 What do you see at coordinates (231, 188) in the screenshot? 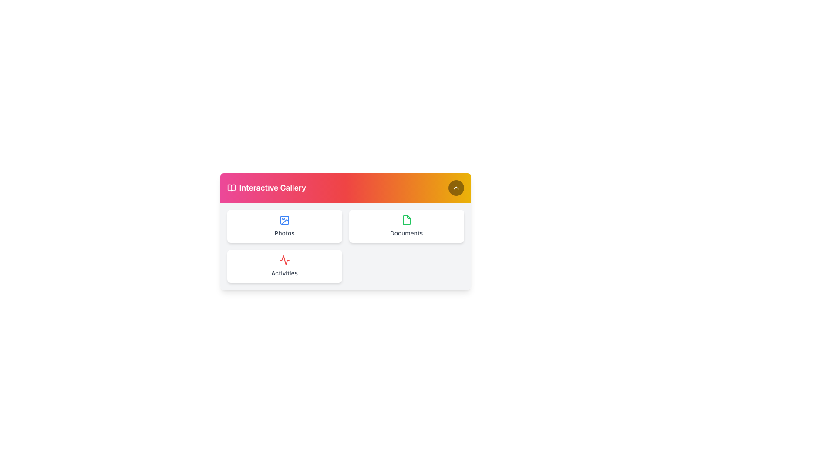
I see `the open book icon located in the header of the interface, which is positioned to the left of the text 'Interactive Gallery'` at bounding box center [231, 188].